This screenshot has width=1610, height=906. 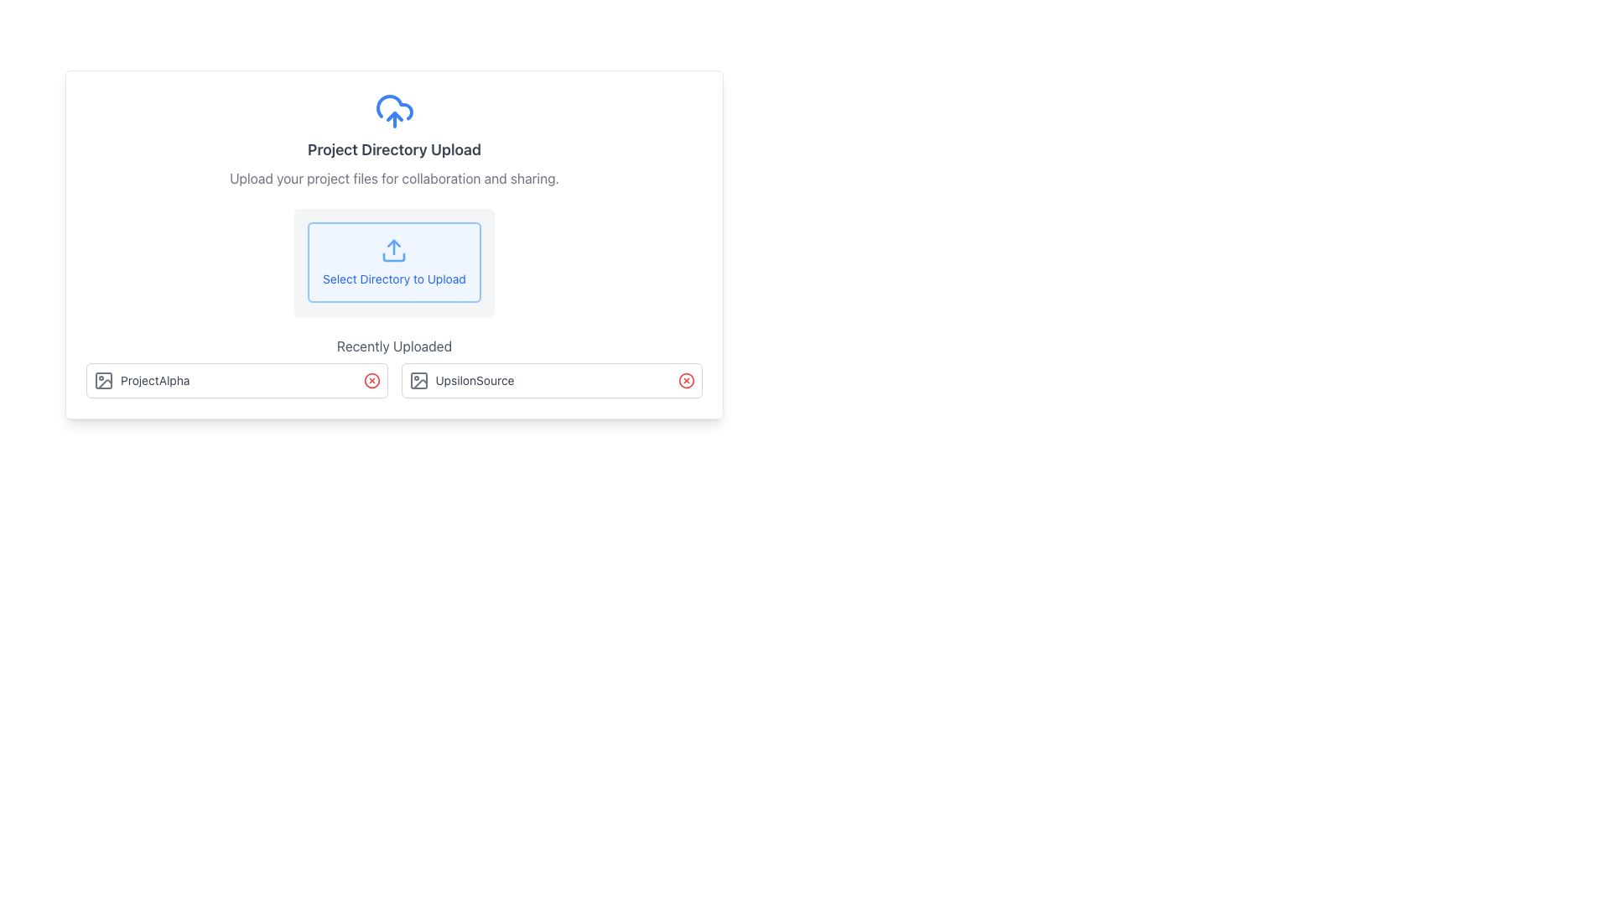 What do you see at coordinates (418, 381) in the screenshot?
I see `the gray-toned outline icon representing an image placeholder, located within the 'Recently Uploaded' section, specifically to the left of the entry labeled 'UpsilonSource'` at bounding box center [418, 381].